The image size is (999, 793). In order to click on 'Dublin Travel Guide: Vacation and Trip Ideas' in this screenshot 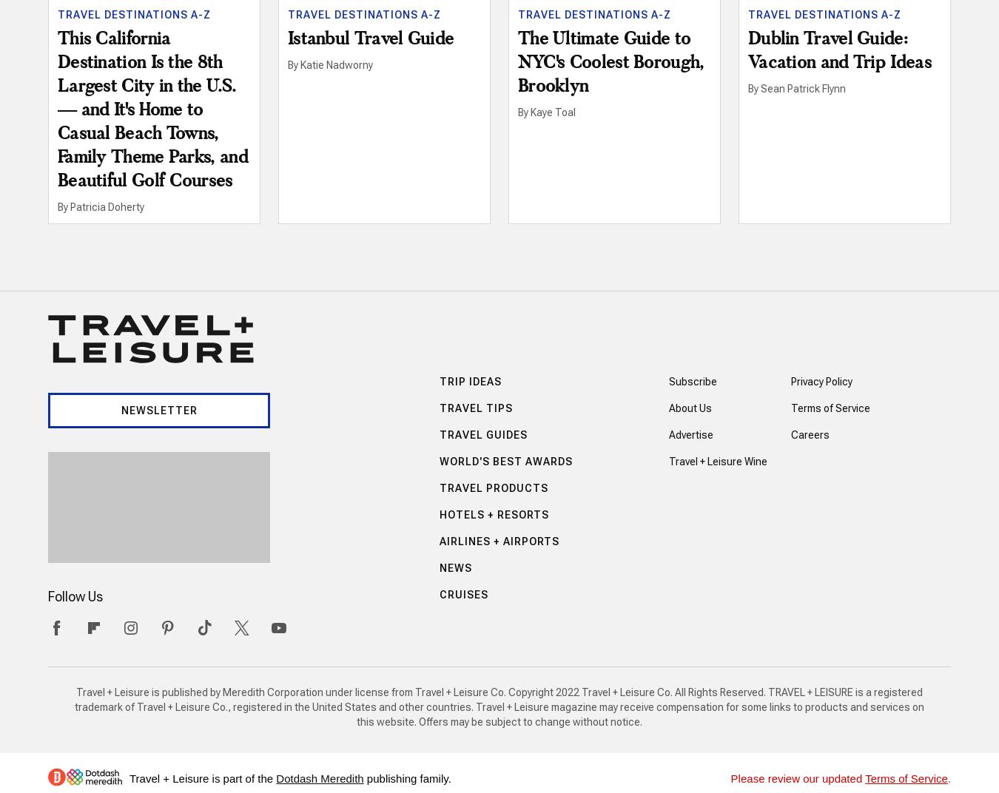, I will do `click(838, 51)`.